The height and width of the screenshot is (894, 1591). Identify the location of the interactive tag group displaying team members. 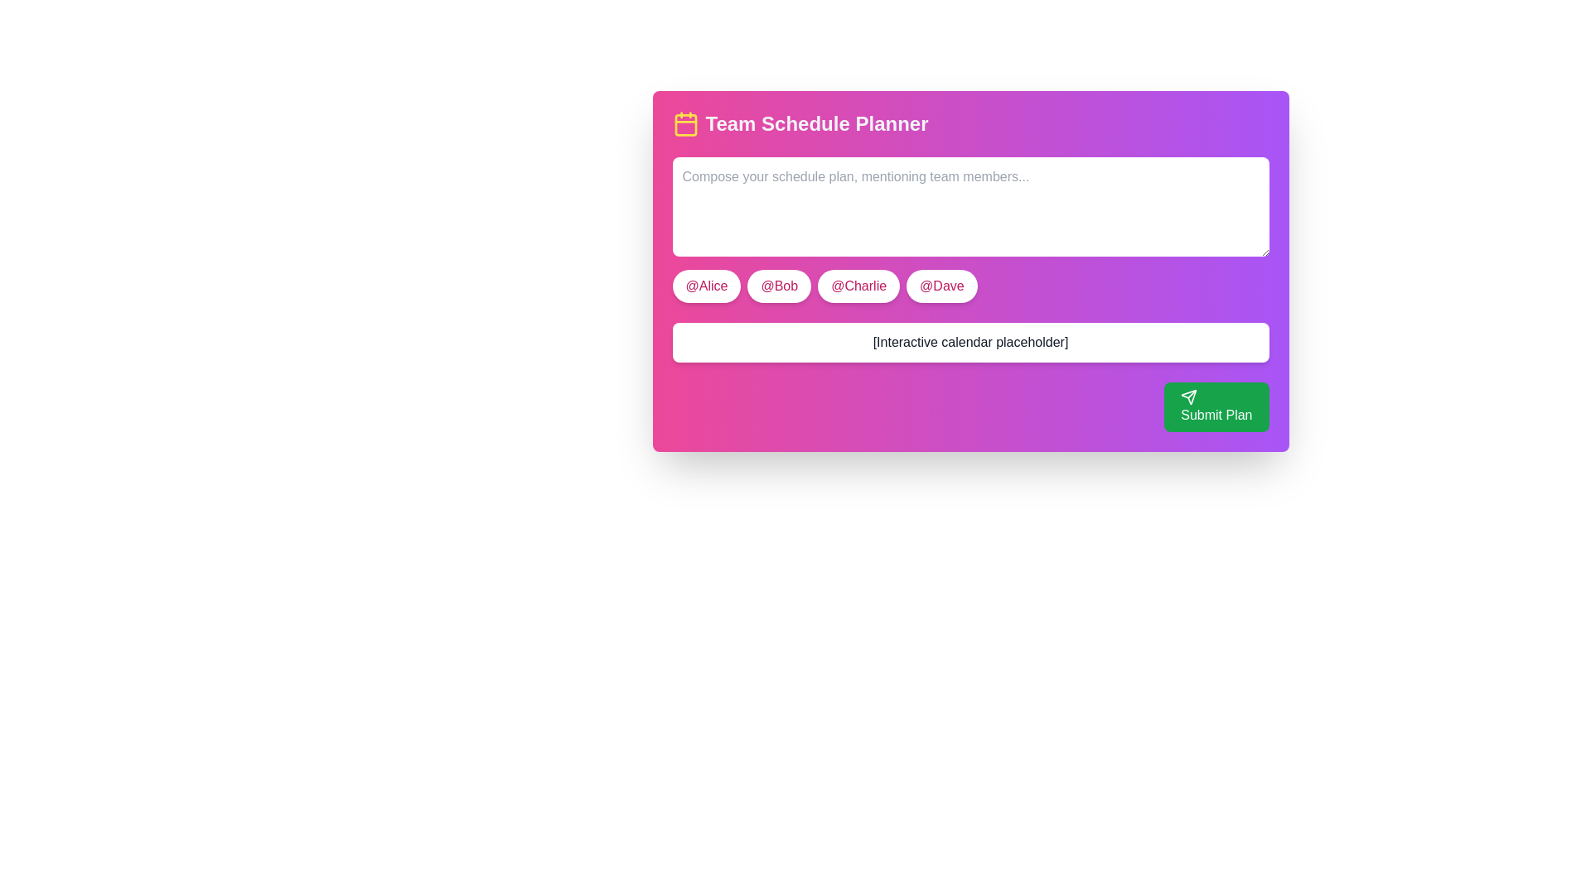
(970, 286).